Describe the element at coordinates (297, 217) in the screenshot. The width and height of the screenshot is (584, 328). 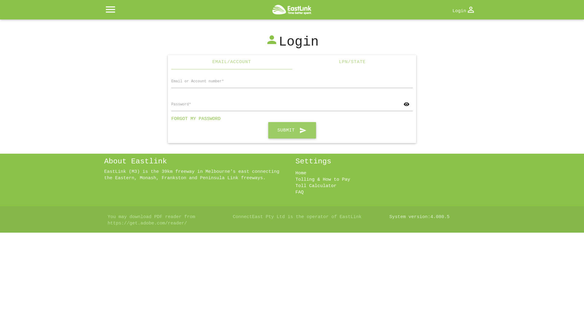
I see `'ConnectEast Pty Ltd is the operator of EastLink'` at that location.